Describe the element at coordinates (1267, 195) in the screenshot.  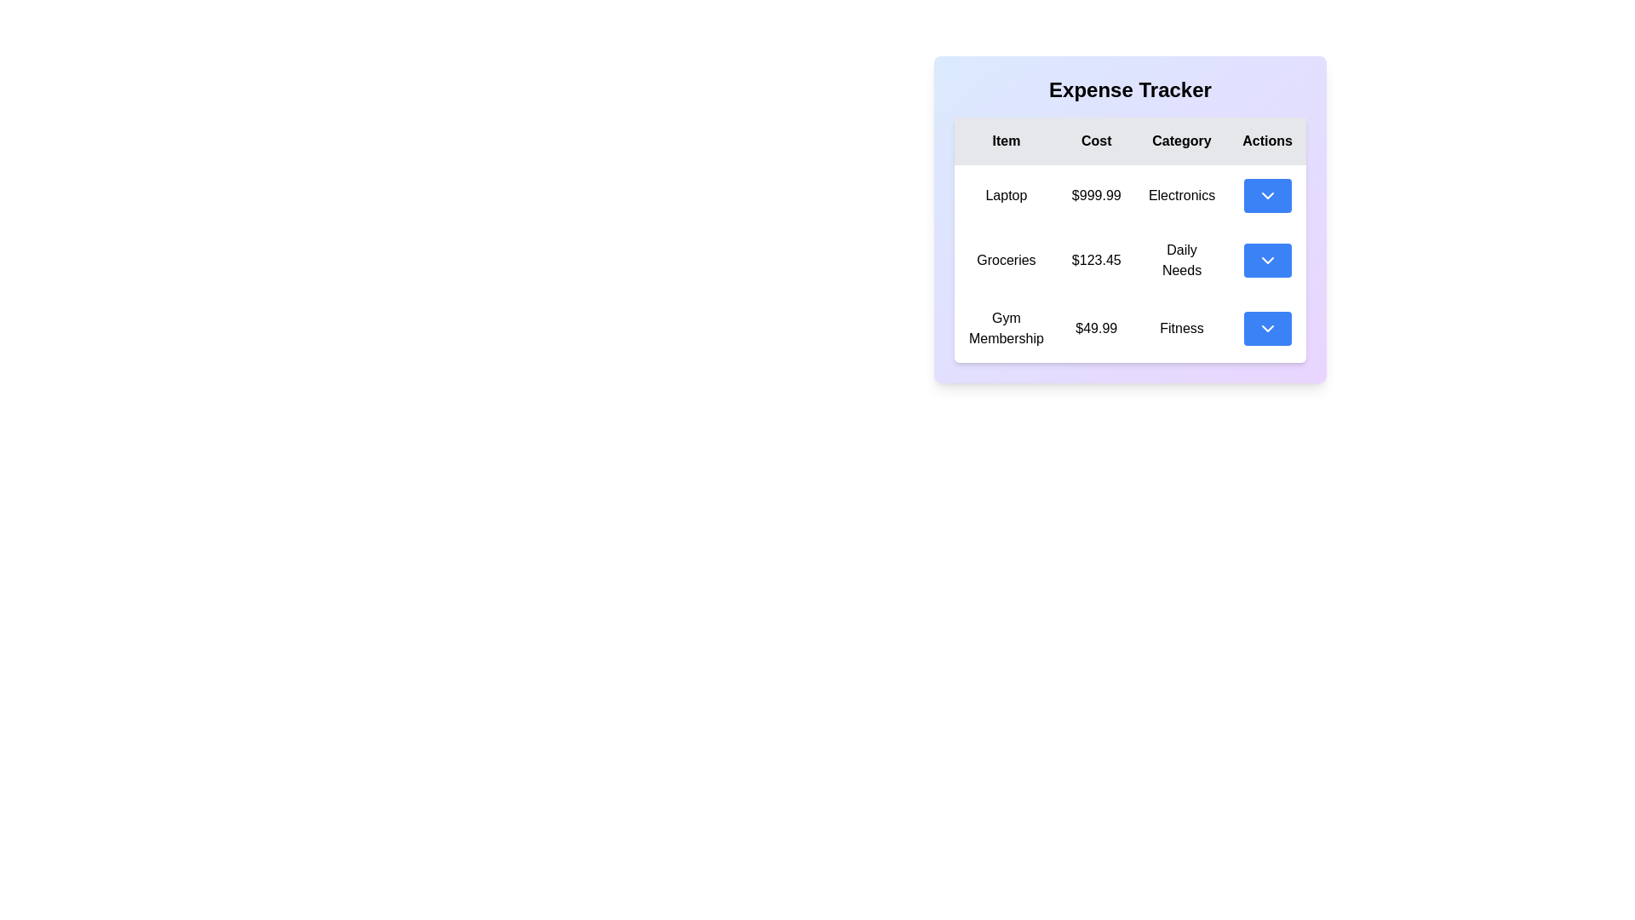
I see `the button with a downward-facing chevron icon located in the 'Actions' column of the first row for the 'Laptop' item` at that location.